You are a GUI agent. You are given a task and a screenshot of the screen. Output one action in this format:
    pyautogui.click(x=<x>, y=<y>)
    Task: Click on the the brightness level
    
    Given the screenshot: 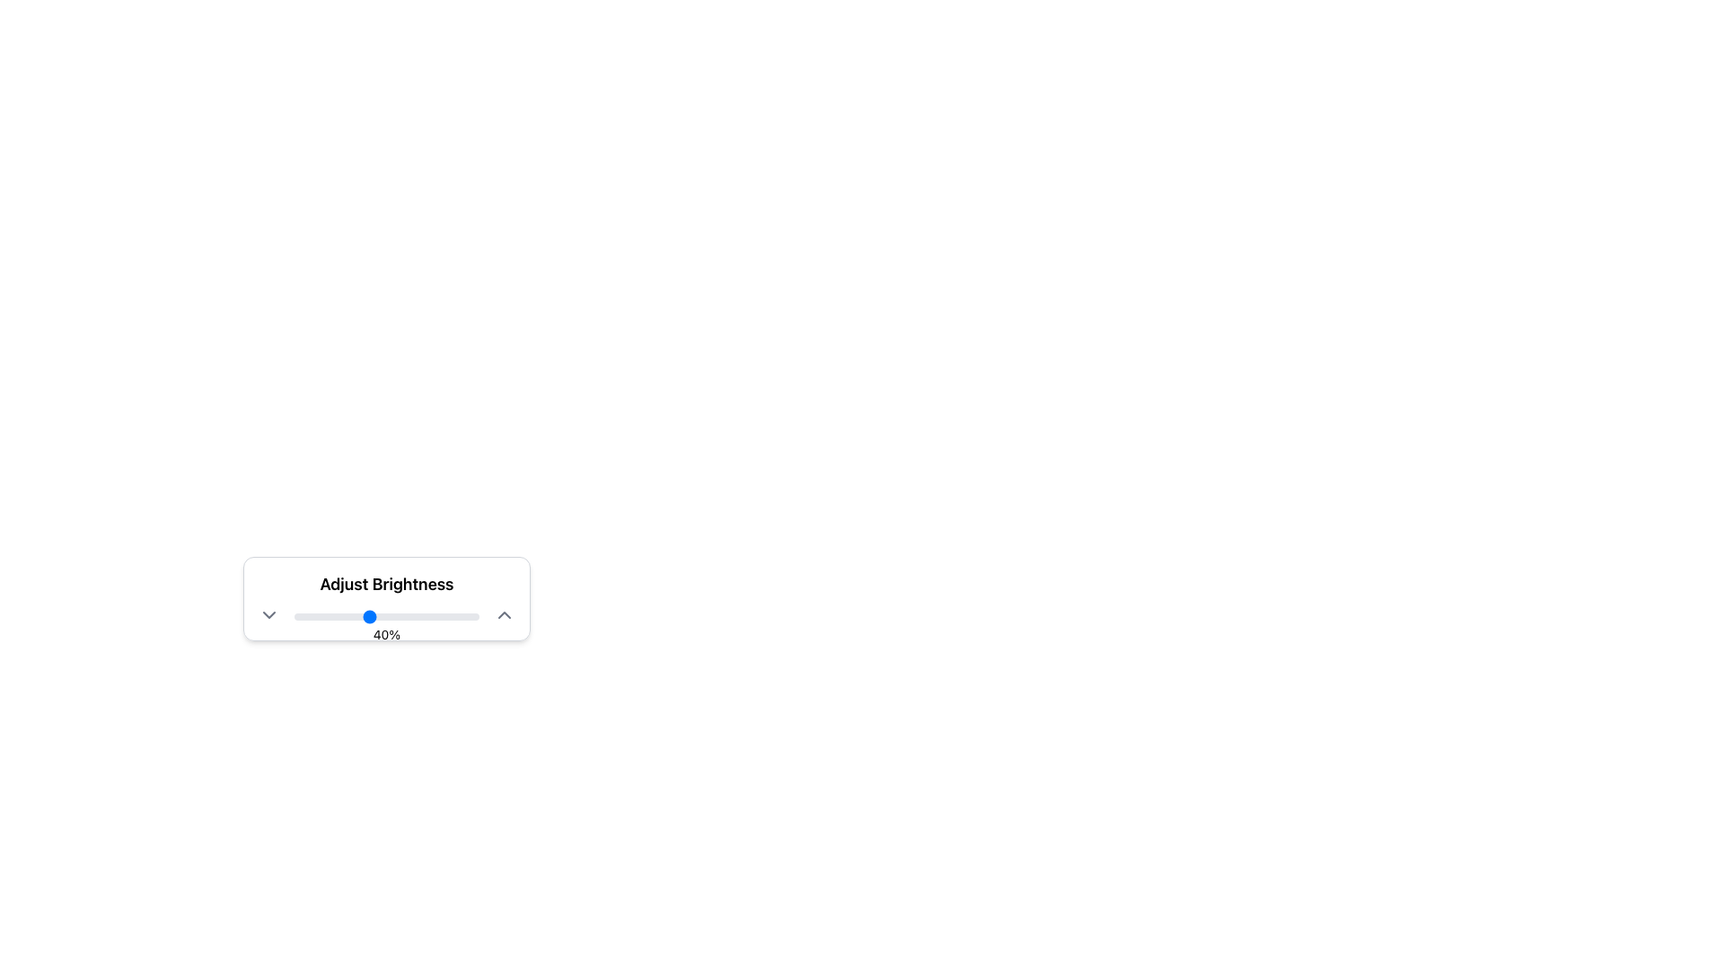 What is the action you would take?
    pyautogui.click(x=462, y=615)
    